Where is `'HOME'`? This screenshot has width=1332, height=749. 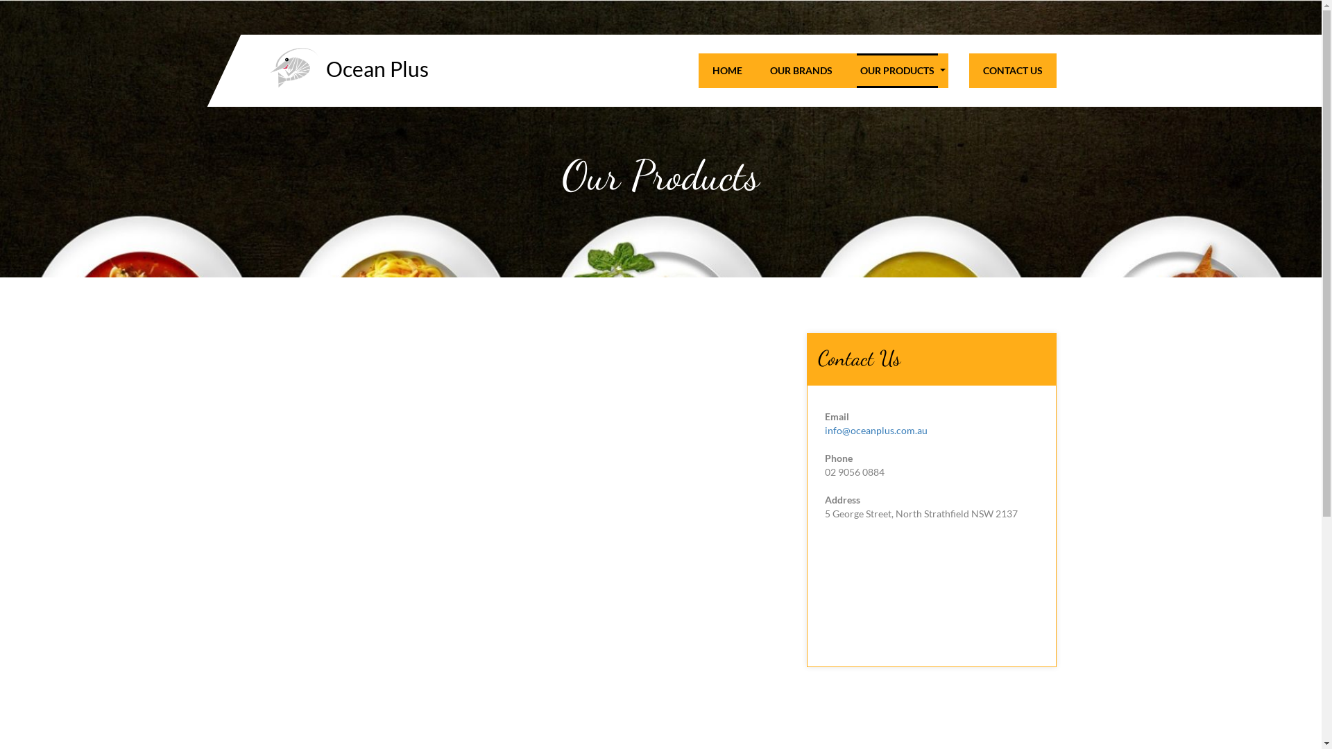
'HOME' is located at coordinates (726, 70).